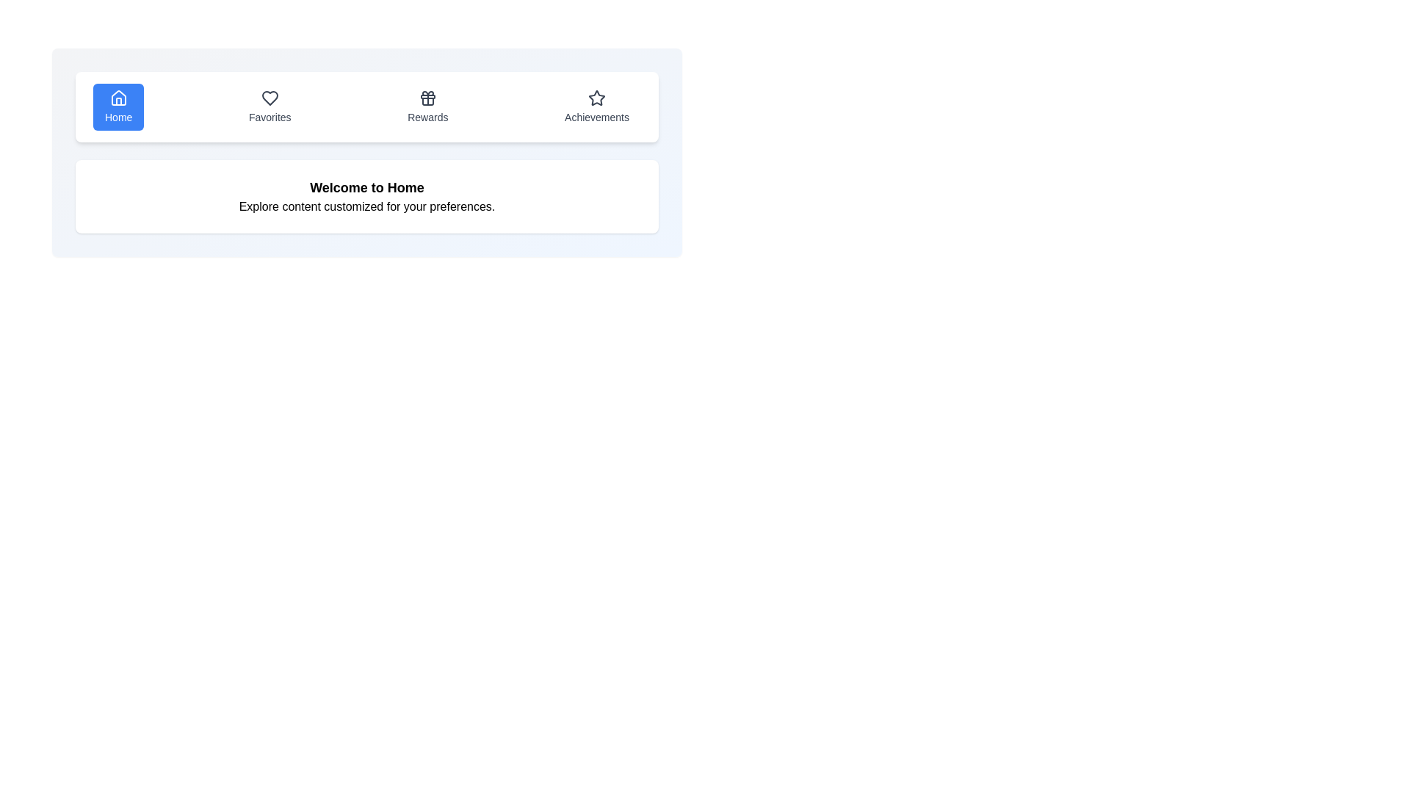  I want to click on the 'Achievements' icon, which is the fourth icon from the left in the top navigation bar, so click(597, 98).